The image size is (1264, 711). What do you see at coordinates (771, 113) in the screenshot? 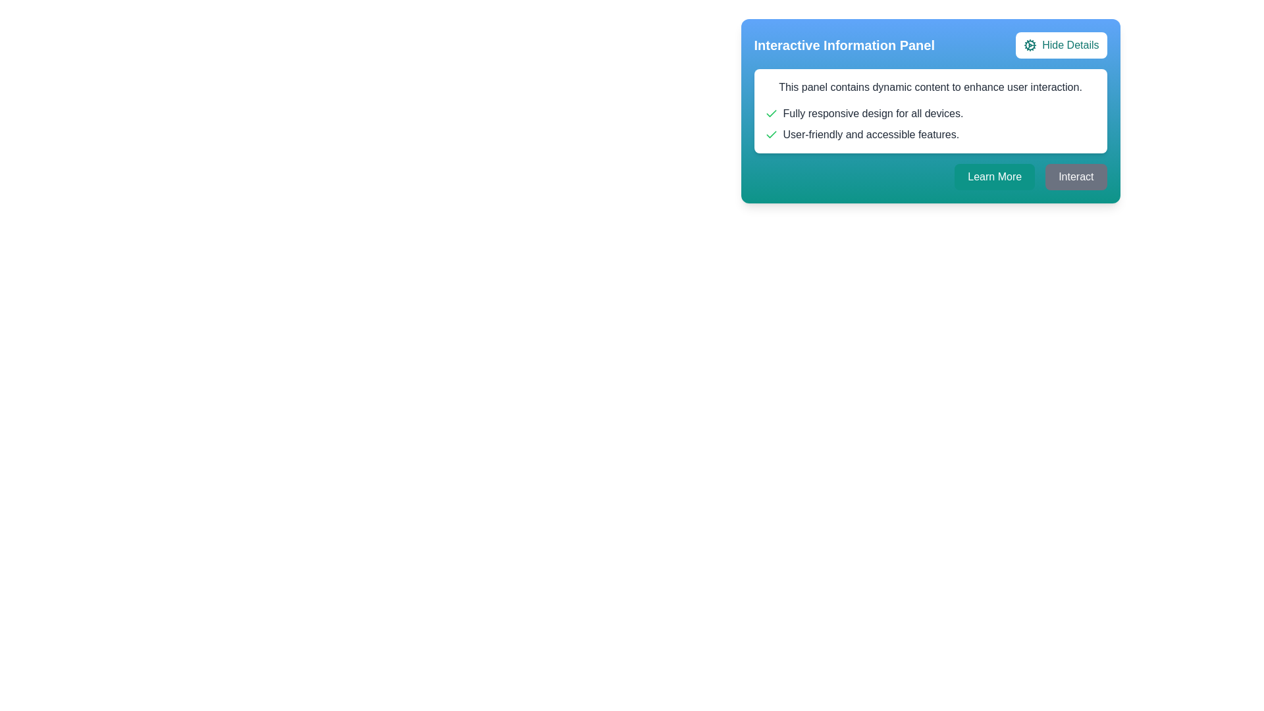
I see `the SVG icon that indicates the feature of fully responsive design, positioned to the left of the text 'Fully responsive design for all devices.'` at bounding box center [771, 113].